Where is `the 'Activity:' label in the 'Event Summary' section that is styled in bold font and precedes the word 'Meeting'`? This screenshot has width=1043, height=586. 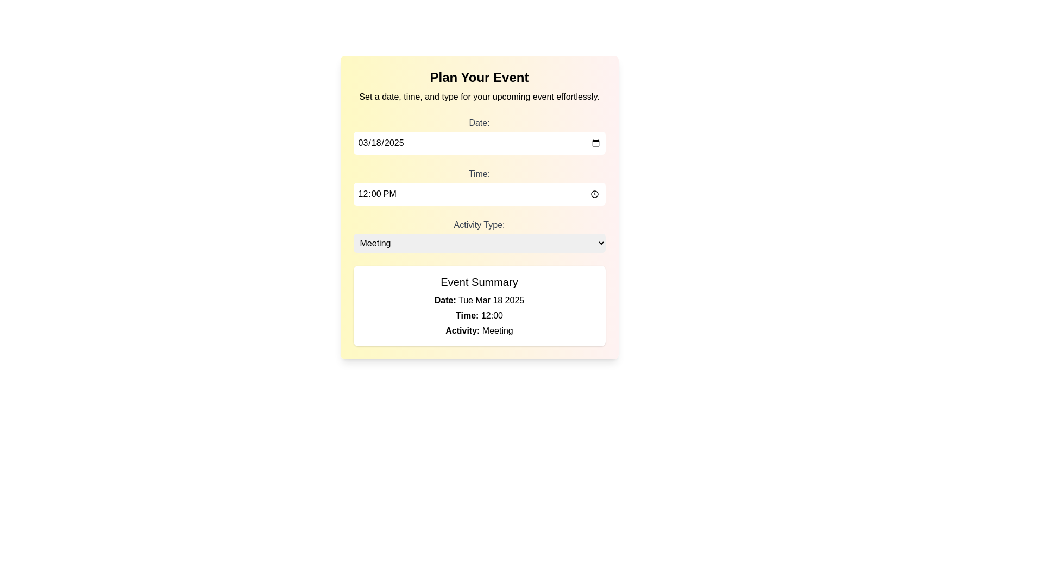 the 'Activity:' label in the 'Event Summary' section that is styled in bold font and precedes the word 'Meeting' is located at coordinates (462, 330).